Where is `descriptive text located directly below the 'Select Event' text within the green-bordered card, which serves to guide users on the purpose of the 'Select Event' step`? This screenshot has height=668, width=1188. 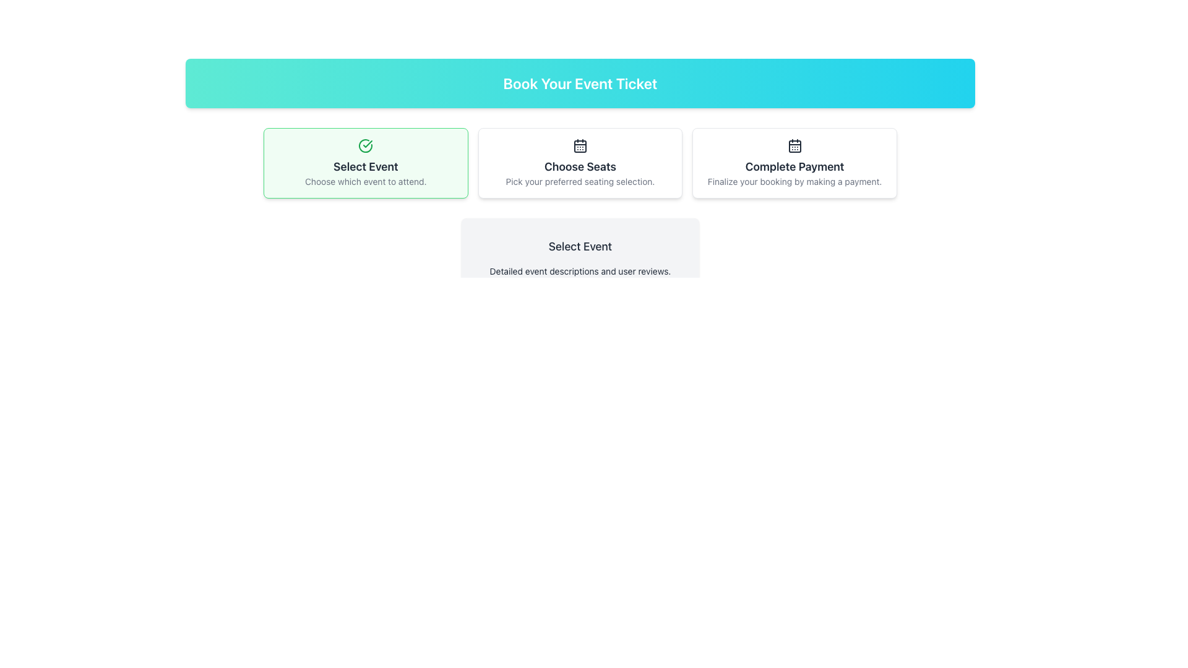 descriptive text located directly below the 'Select Event' text within the green-bordered card, which serves to guide users on the purpose of the 'Select Event' step is located at coordinates (365, 181).